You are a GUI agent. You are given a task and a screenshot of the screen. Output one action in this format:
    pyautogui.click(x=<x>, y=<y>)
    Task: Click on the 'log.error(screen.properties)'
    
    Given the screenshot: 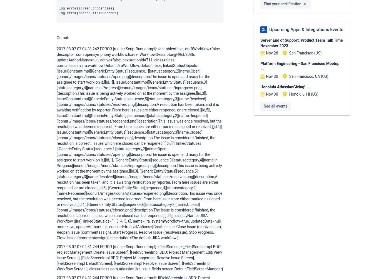 What is the action you would take?
    pyautogui.click(x=86, y=8)
    